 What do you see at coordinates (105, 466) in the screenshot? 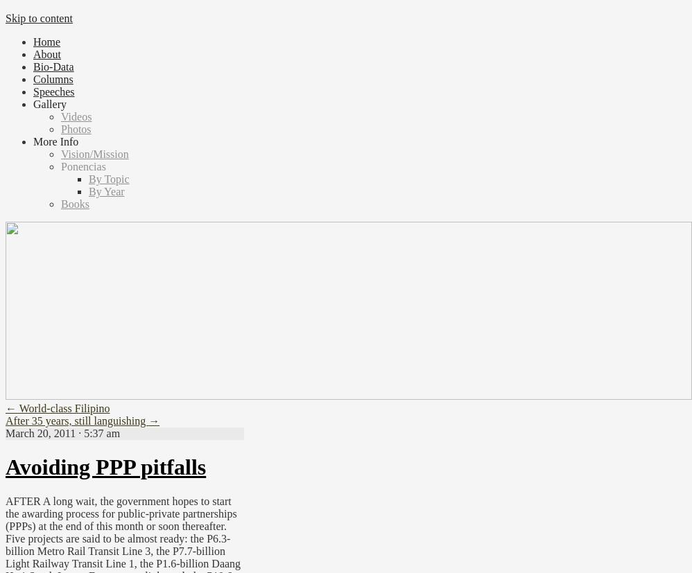
I see `'Avoiding PPP pitfalls'` at bounding box center [105, 466].